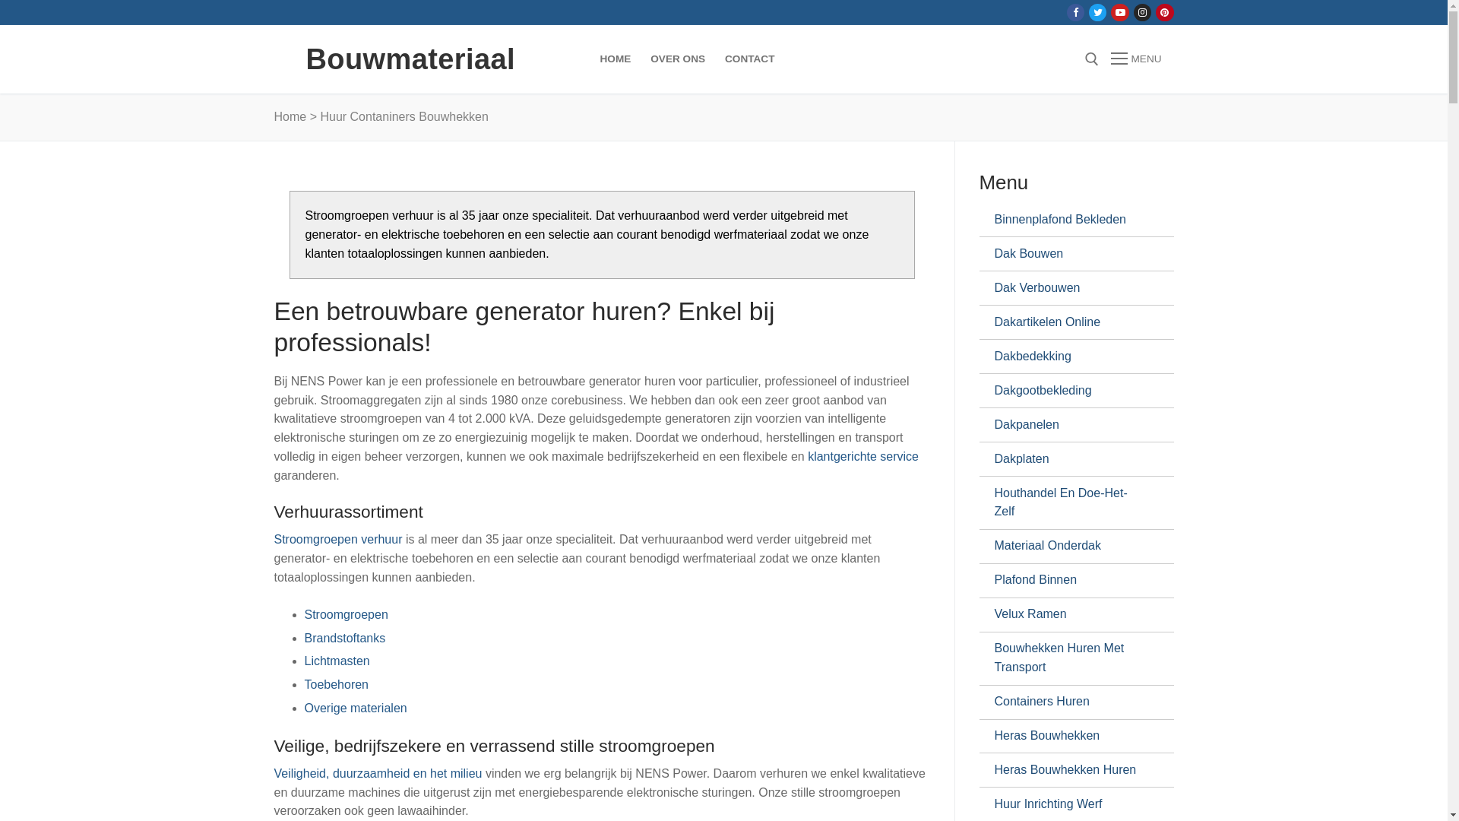 The width and height of the screenshot is (1459, 821). I want to click on 'Binnenplafond Bekleden', so click(1068, 220).